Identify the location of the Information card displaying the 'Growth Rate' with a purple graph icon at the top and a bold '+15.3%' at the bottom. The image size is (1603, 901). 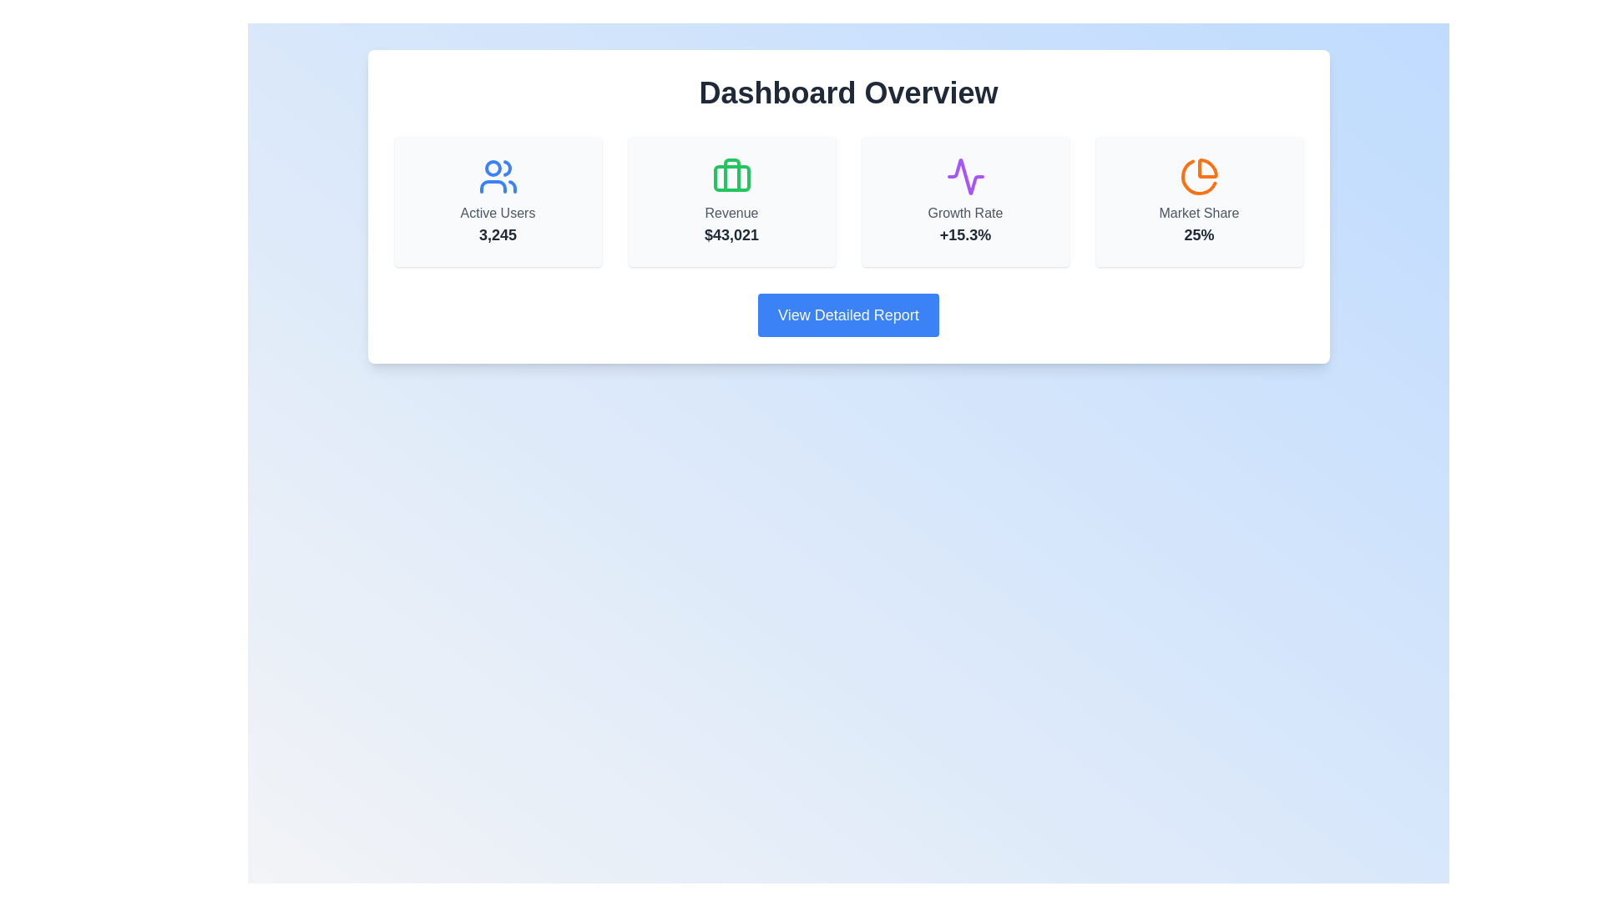
(965, 201).